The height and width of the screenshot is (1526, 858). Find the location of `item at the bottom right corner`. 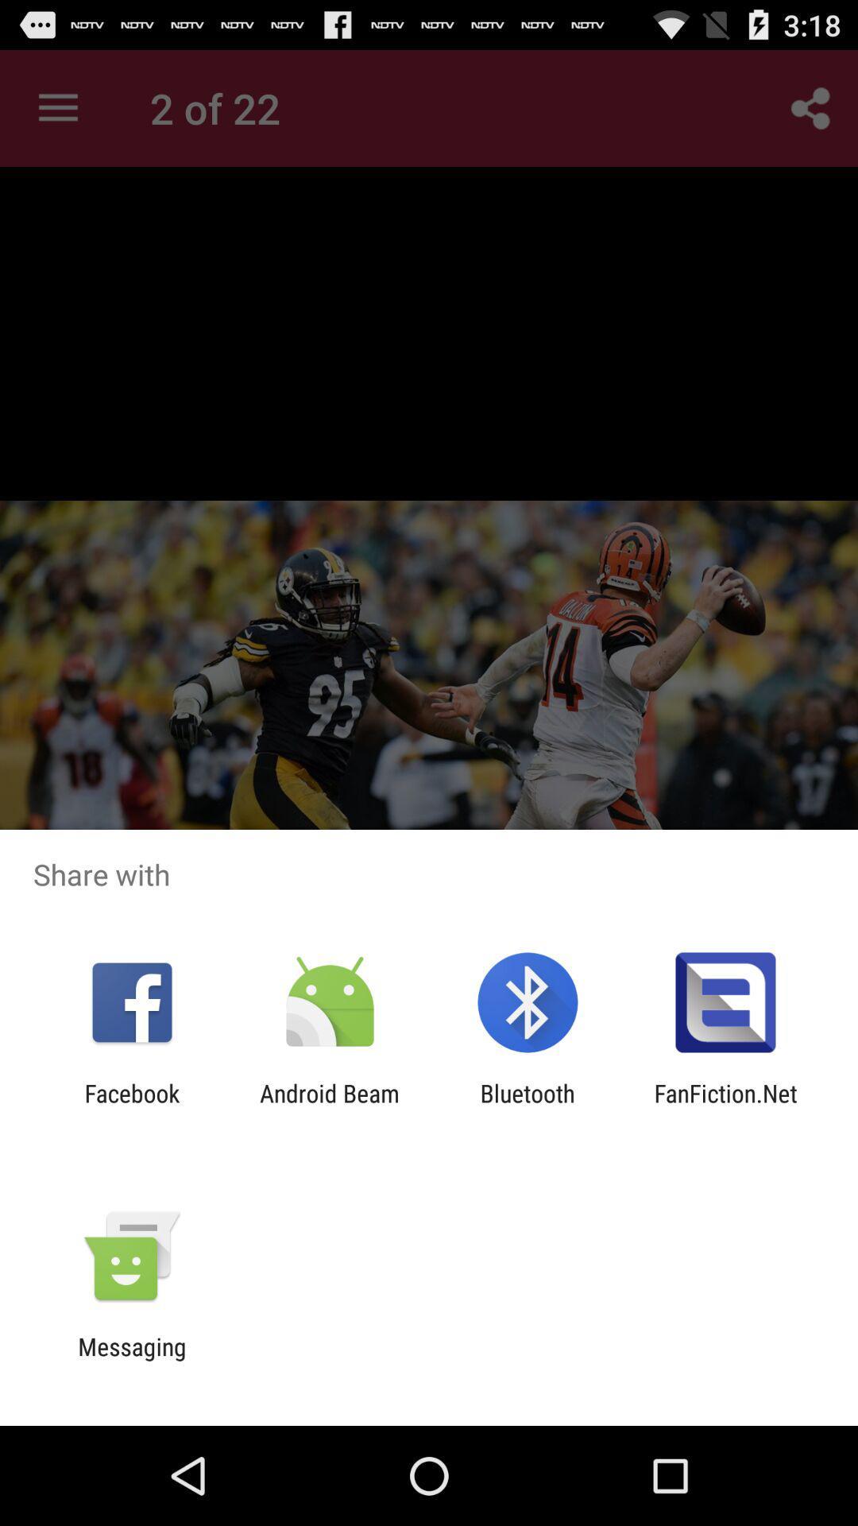

item at the bottom right corner is located at coordinates (725, 1106).